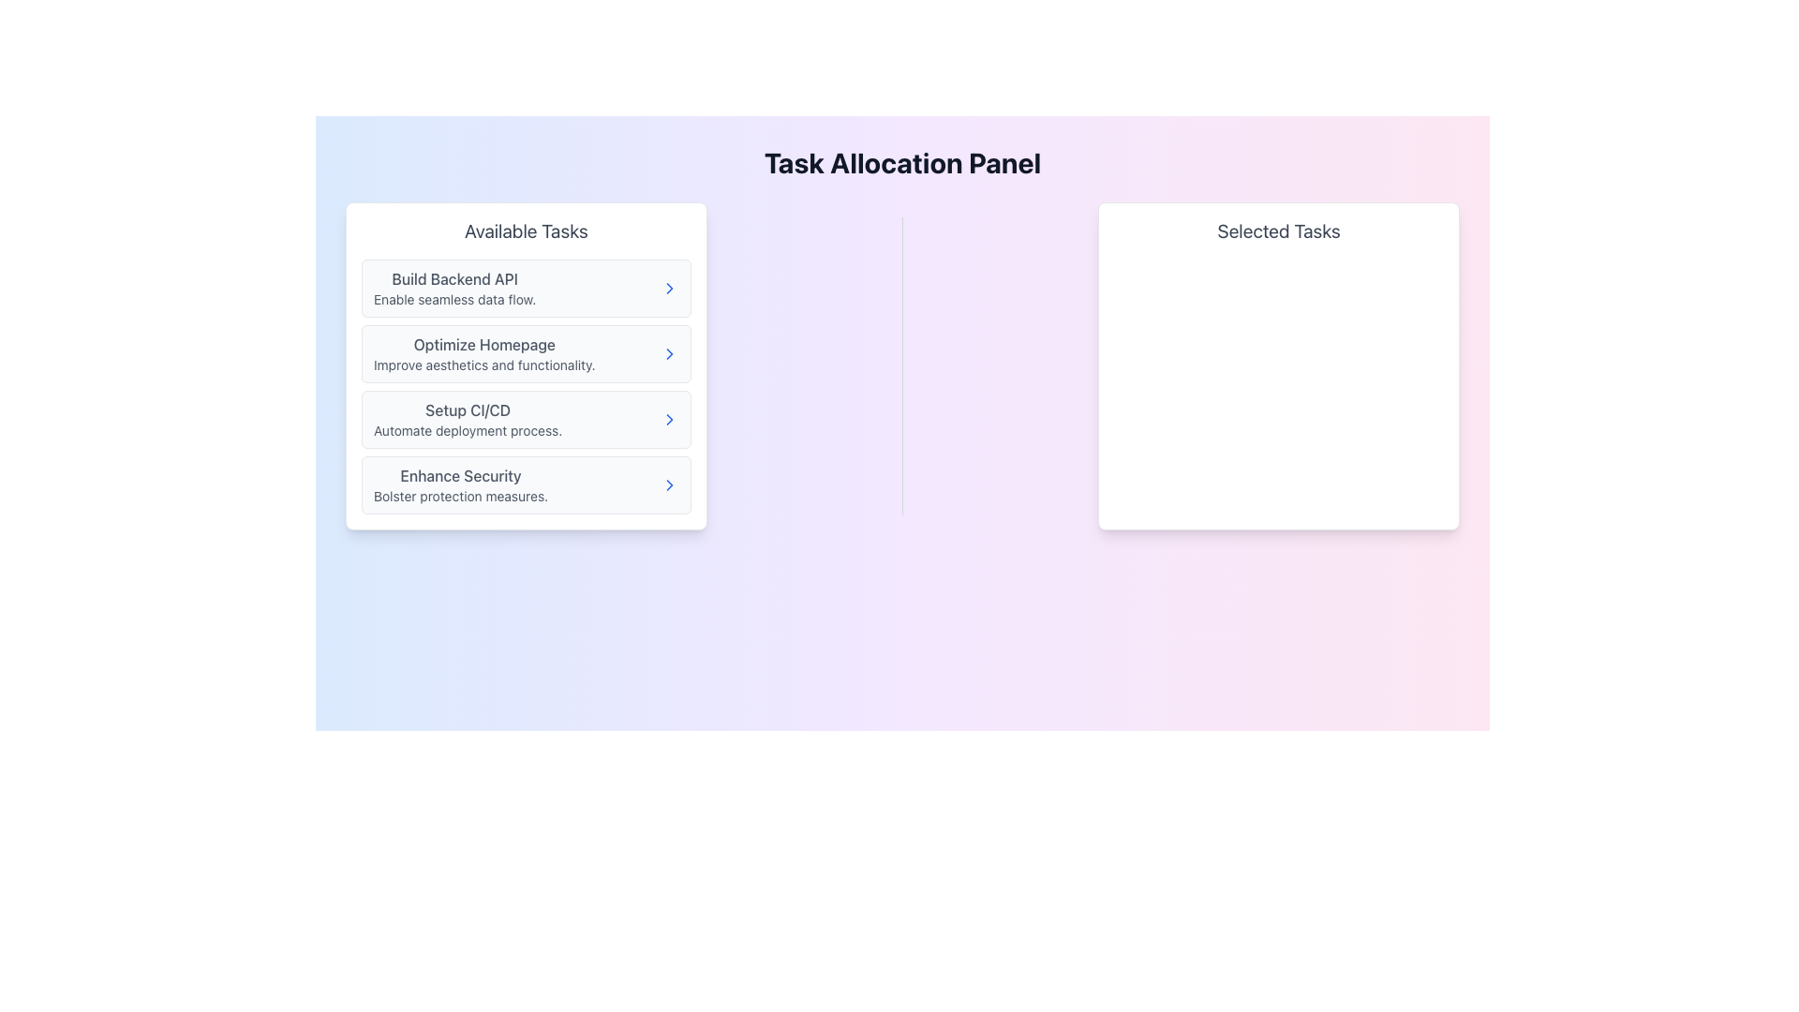  What do you see at coordinates (902, 365) in the screenshot?
I see `the vertical gray Divider that separates the 'Available Tasks' and 'Selected Tasks' panels, located centrally between them` at bounding box center [902, 365].